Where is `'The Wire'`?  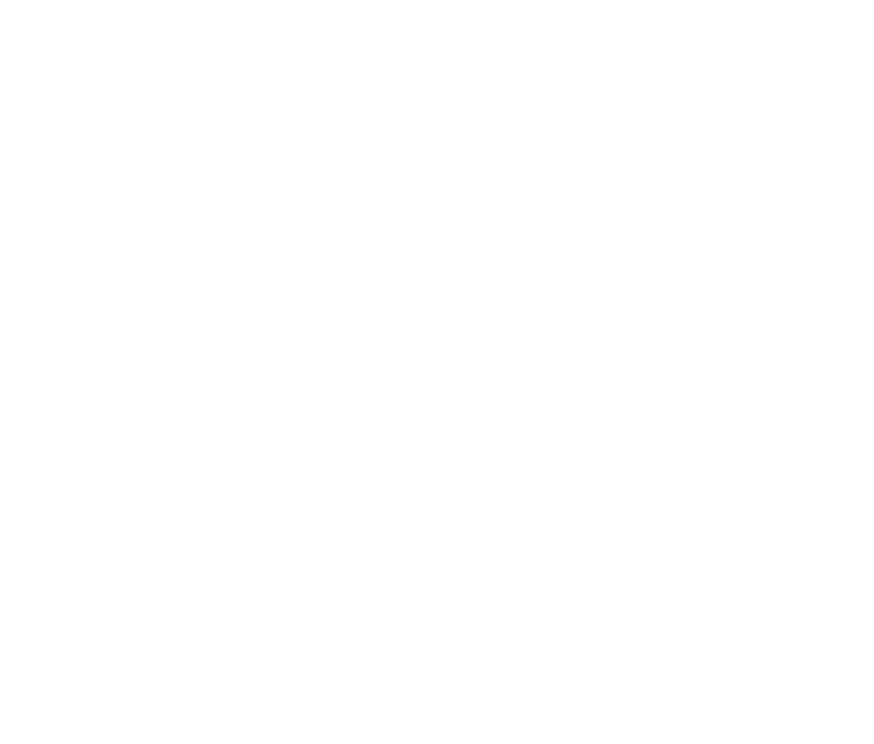
'The Wire' is located at coordinates (238, 128).